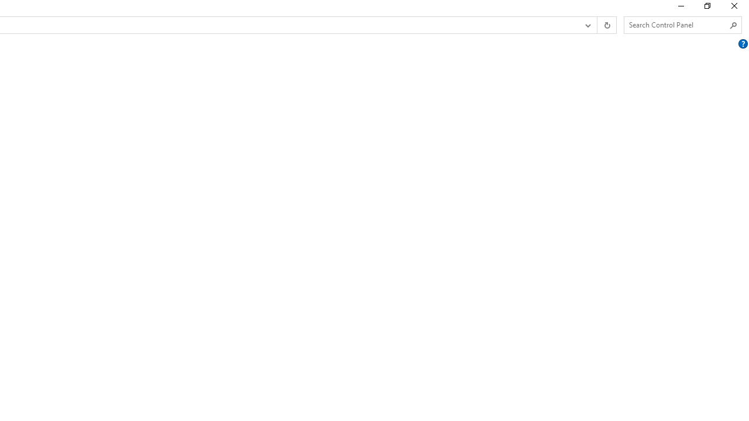  Describe the element at coordinates (606, 25) in the screenshot. I see `'Refresh "File History" (F5)'` at that location.